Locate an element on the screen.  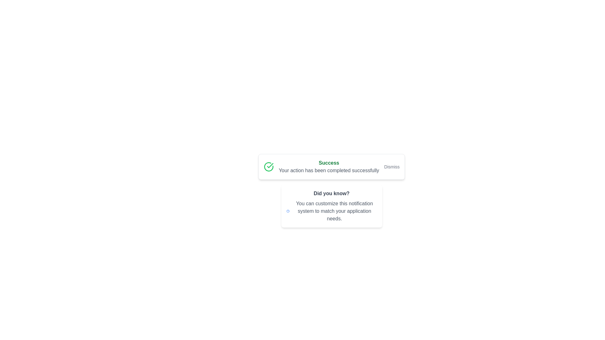
the 'Success' text label, which is a bold green font notification indicating a successful action, located prominently above the message 'Your action has been completed successfully' is located at coordinates (328, 162).